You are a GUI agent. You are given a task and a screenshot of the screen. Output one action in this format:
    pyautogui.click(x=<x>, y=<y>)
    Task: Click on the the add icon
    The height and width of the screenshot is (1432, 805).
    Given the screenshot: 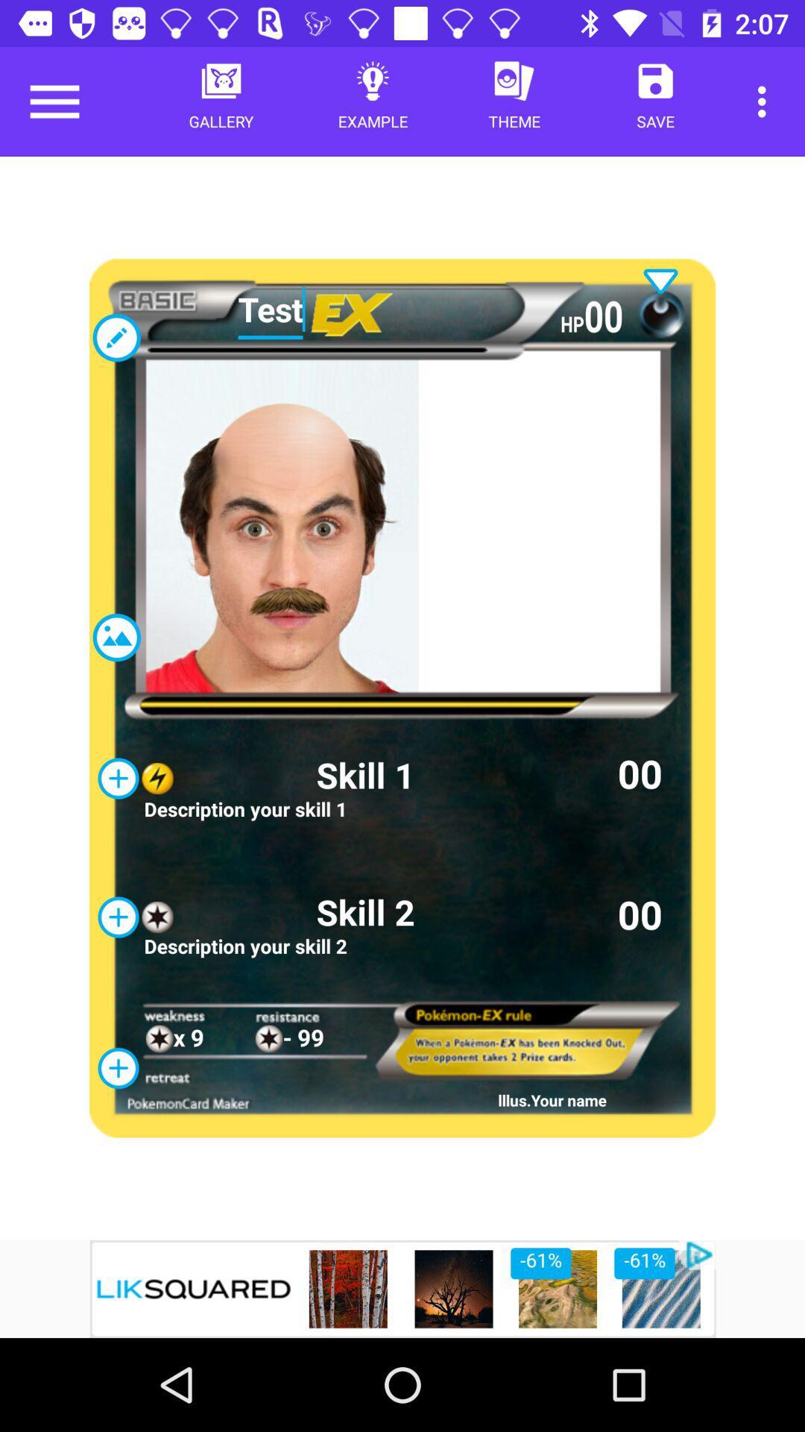 What is the action you would take?
    pyautogui.click(x=117, y=777)
    